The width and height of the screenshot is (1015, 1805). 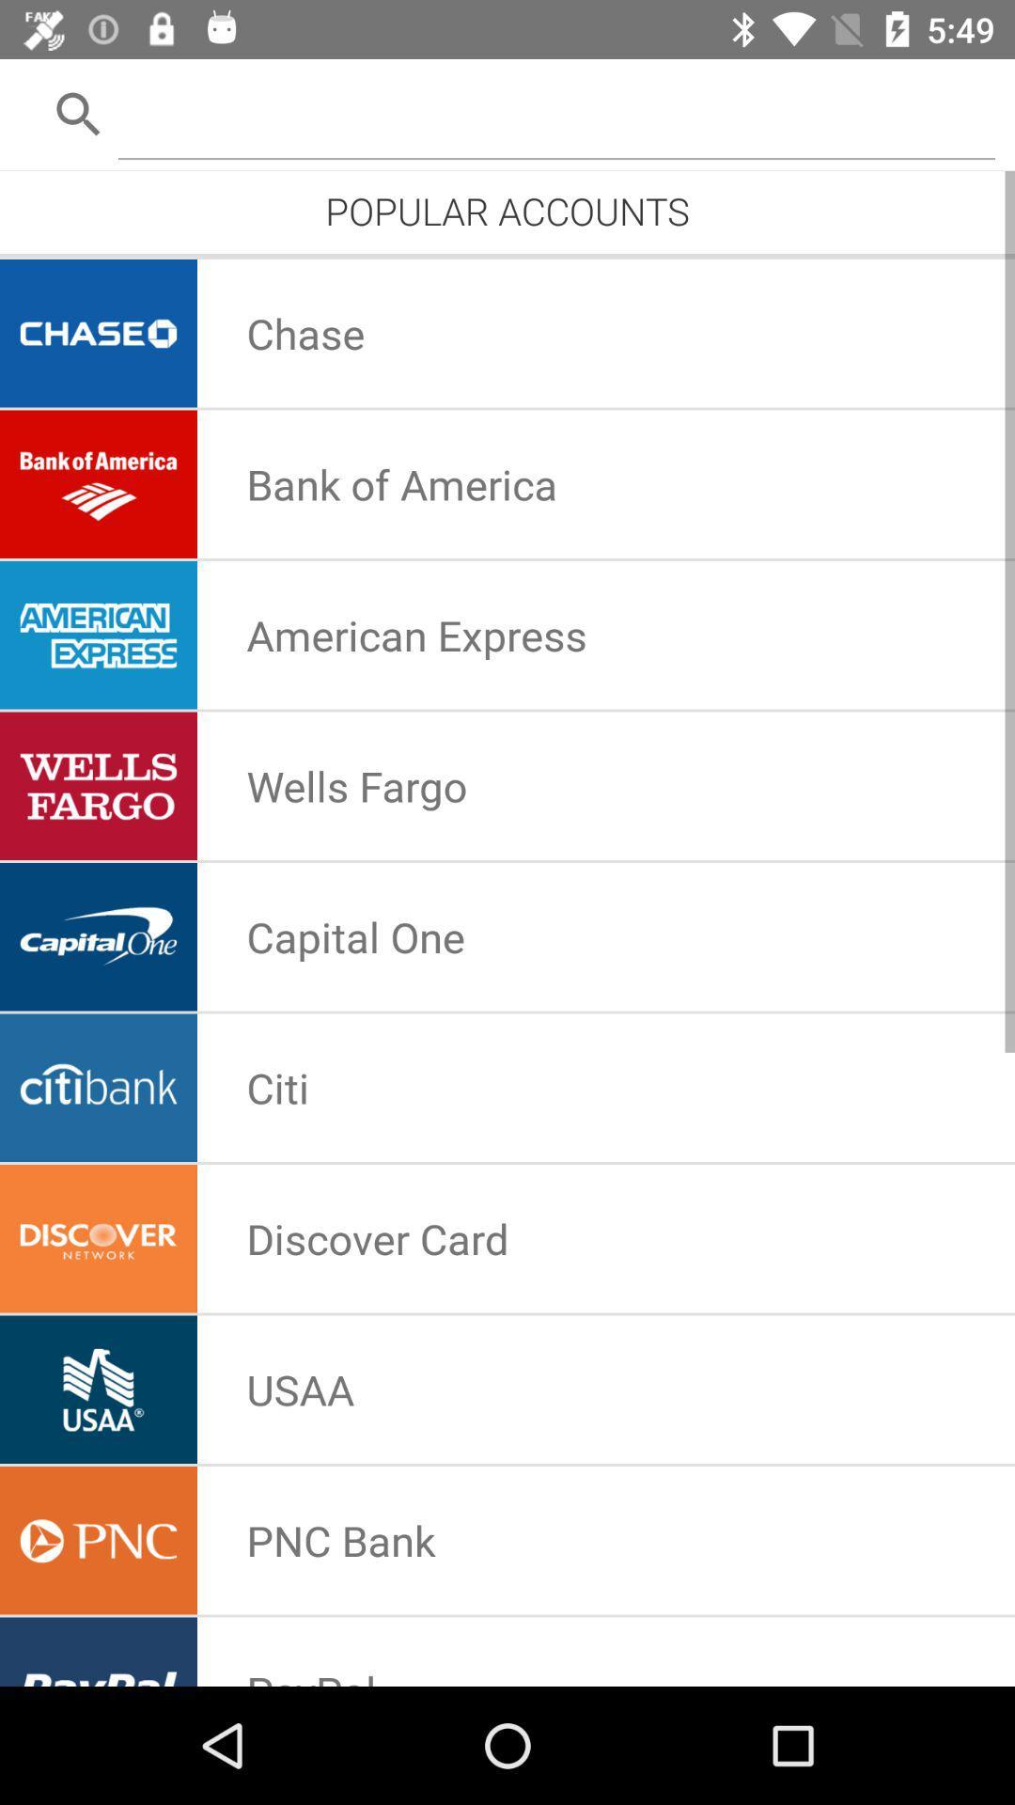 I want to click on app below citi item, so click(x=377, y=1238).